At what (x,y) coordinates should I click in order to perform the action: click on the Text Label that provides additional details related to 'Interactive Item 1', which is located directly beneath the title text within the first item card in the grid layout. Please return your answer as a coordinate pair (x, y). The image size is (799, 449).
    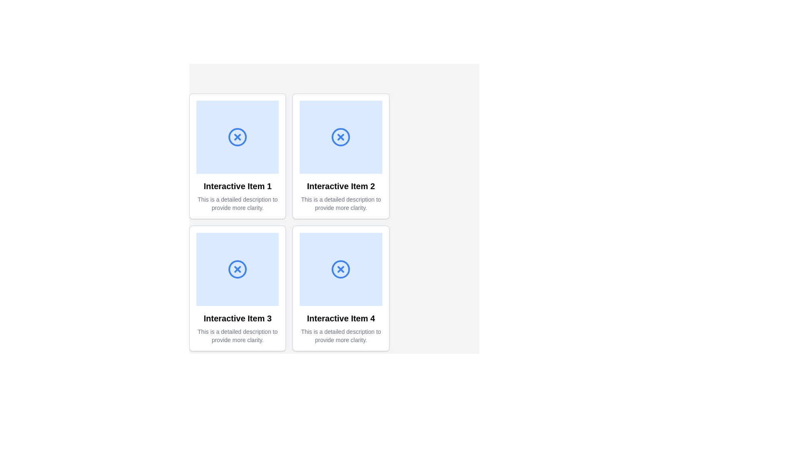
    Looking at the image, I should click on (237, 203).